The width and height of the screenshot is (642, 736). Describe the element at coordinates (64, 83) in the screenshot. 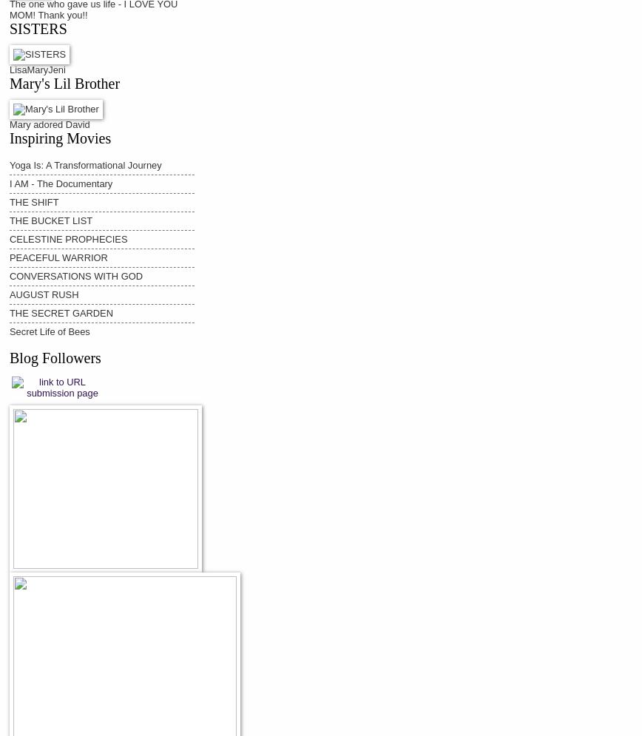

I see `'Mary's  Lil Brother'` at that location.